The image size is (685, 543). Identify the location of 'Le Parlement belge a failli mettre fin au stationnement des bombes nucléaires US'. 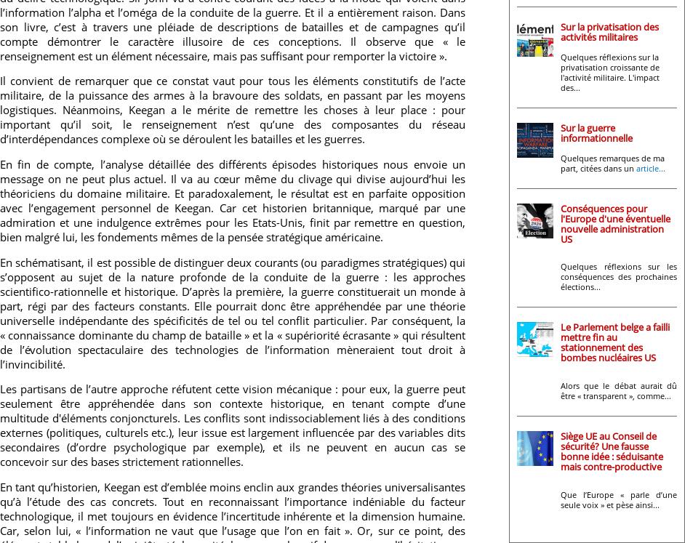
(561, 341).